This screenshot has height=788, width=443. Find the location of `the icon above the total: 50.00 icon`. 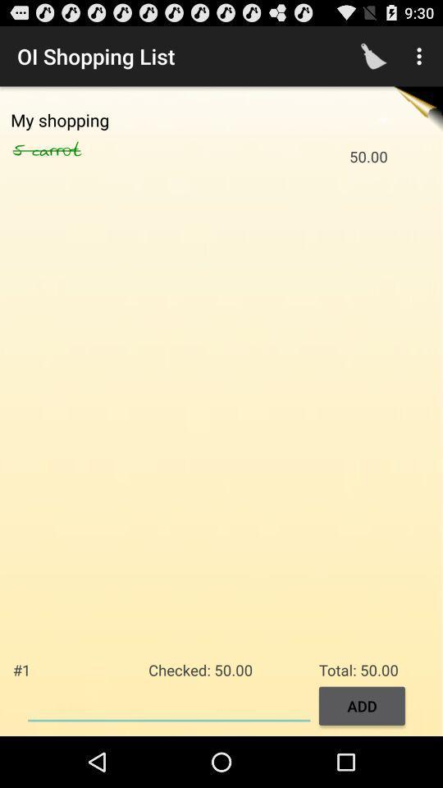

the icon above the total: 50.00 icon is located at coordinates (421, 56).